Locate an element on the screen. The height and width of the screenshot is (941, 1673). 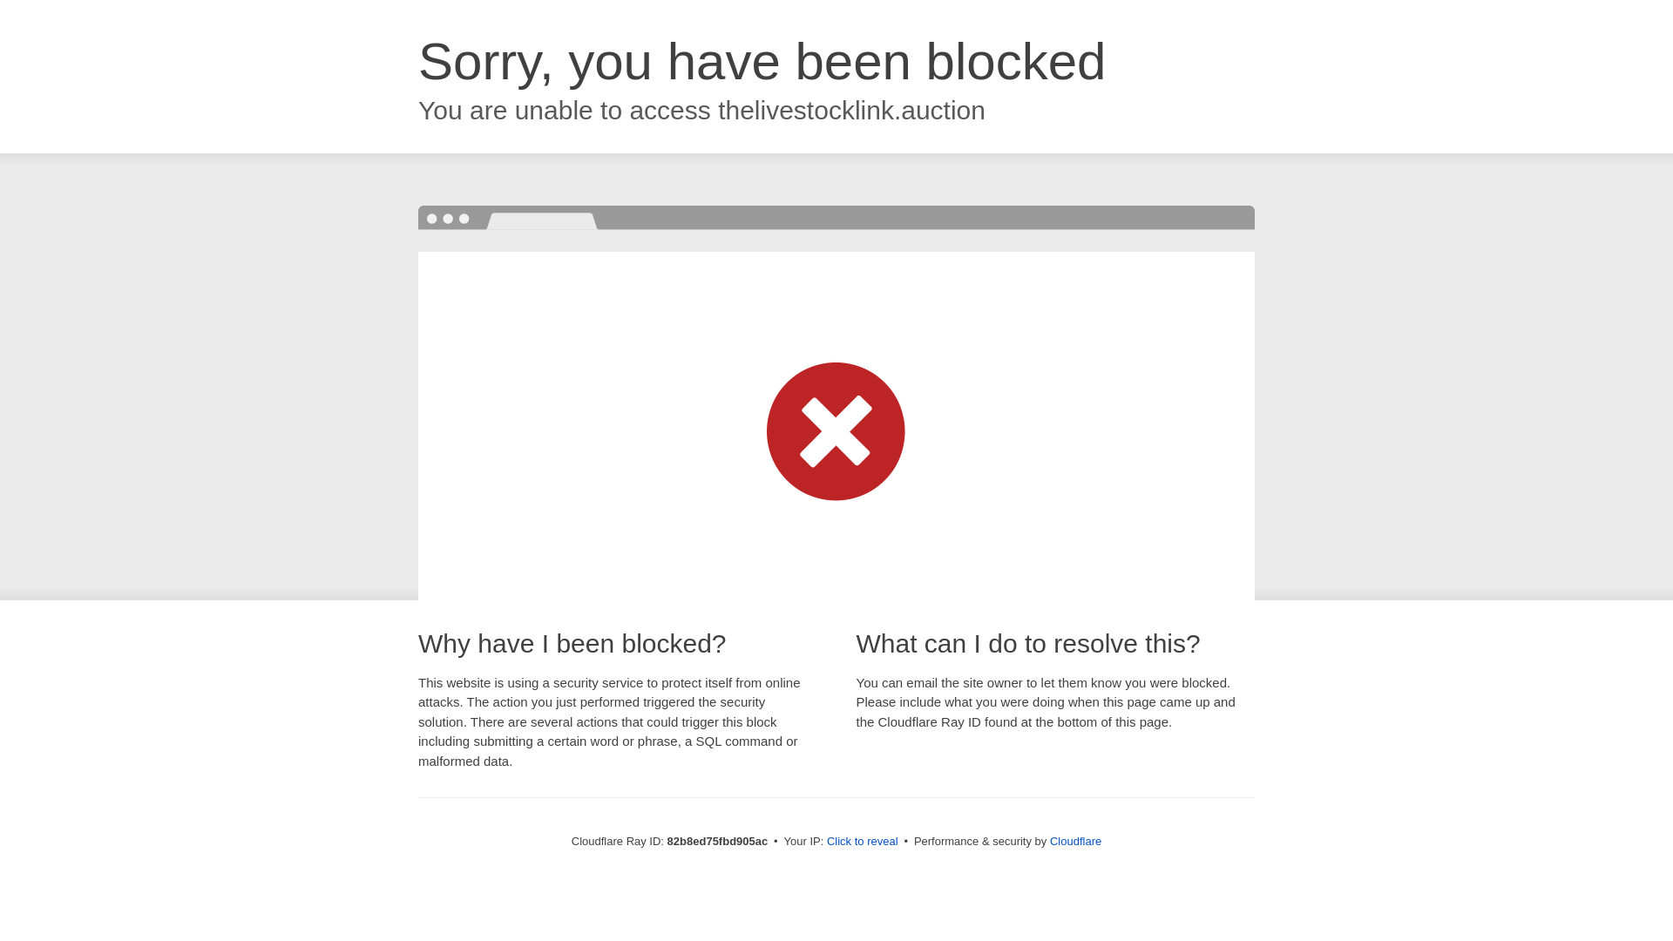
'Click to reveal' is located at coordinates (862, 840).